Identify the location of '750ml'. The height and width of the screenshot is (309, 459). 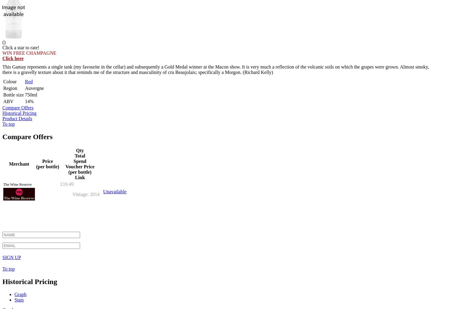
(31, 94).